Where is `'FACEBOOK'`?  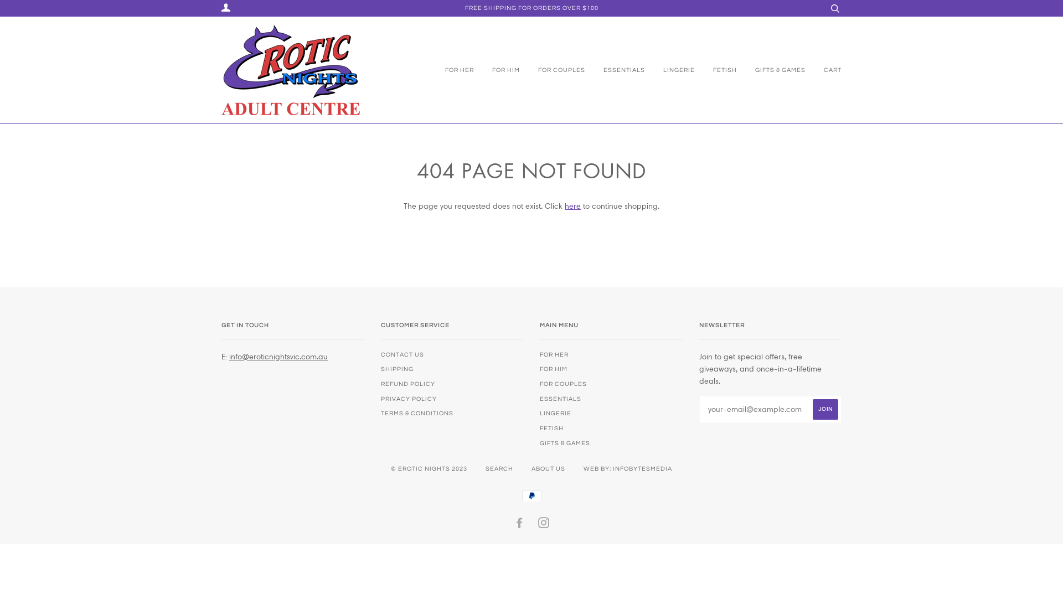 'FACEBOOK' is located at coordinates (519, 524).